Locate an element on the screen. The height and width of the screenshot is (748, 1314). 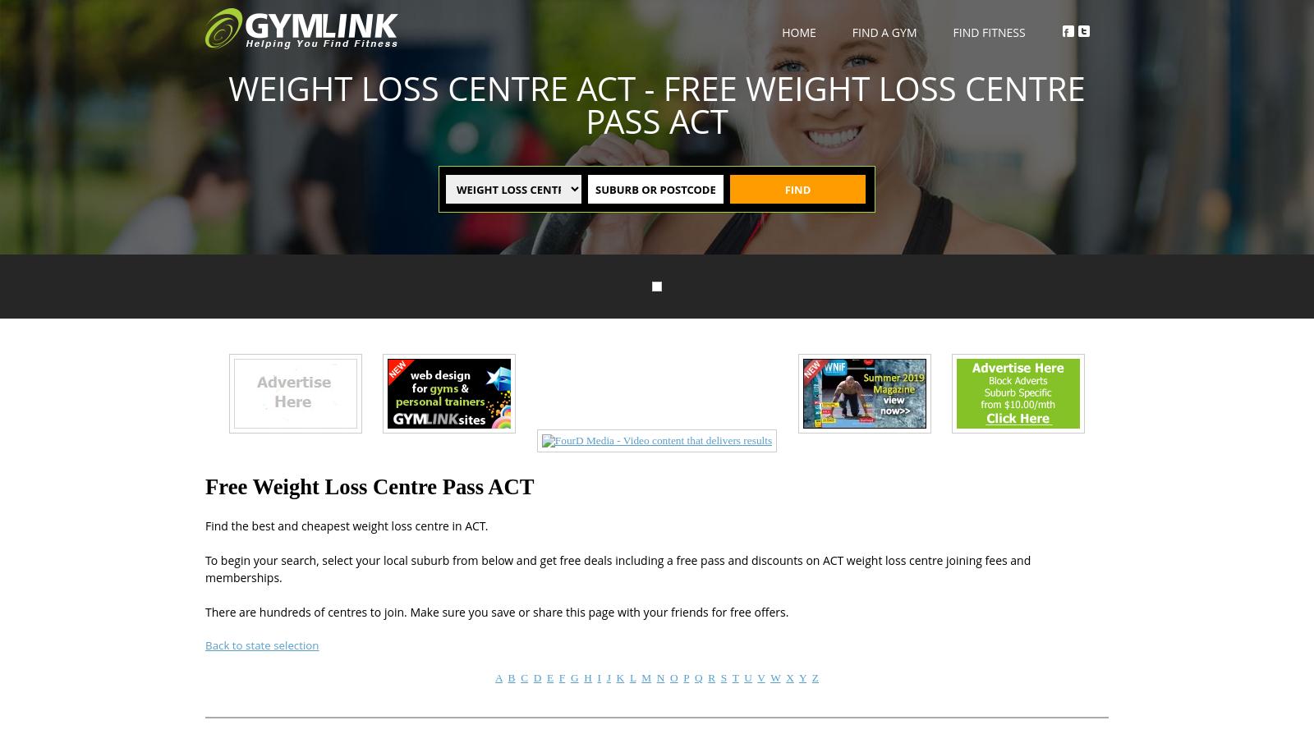
'Home' is located at coordinates (797, 31).